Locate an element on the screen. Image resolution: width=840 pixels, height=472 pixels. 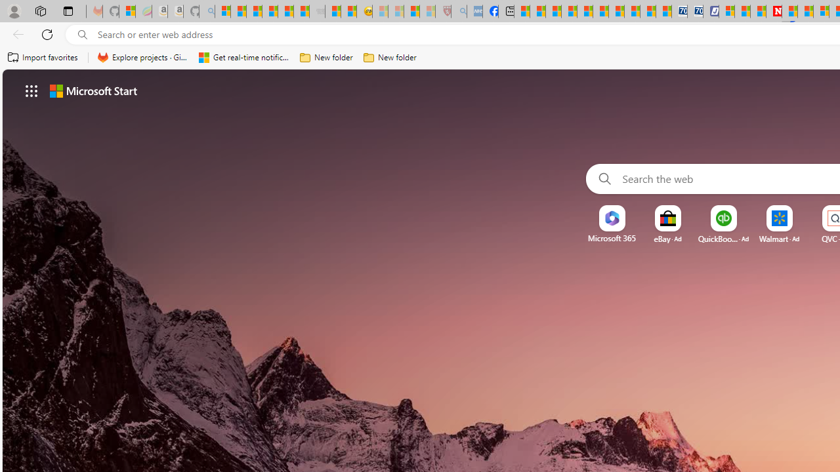
'Stocks - MSN' is located at coordinates (301, 11).